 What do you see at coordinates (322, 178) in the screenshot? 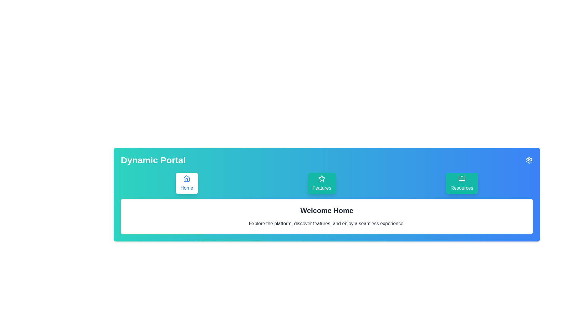
I see `the star icon surrounding the 'Features' button located at the center top of the interface` at bounding box center [322, 178].